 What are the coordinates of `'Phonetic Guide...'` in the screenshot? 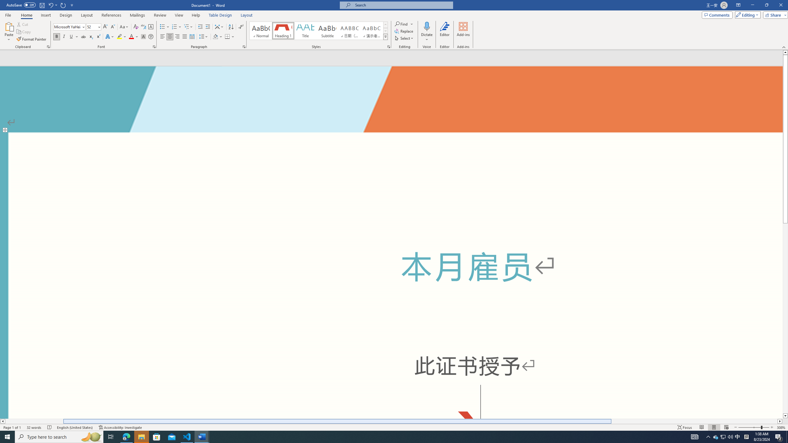 It's located at (143, 27).